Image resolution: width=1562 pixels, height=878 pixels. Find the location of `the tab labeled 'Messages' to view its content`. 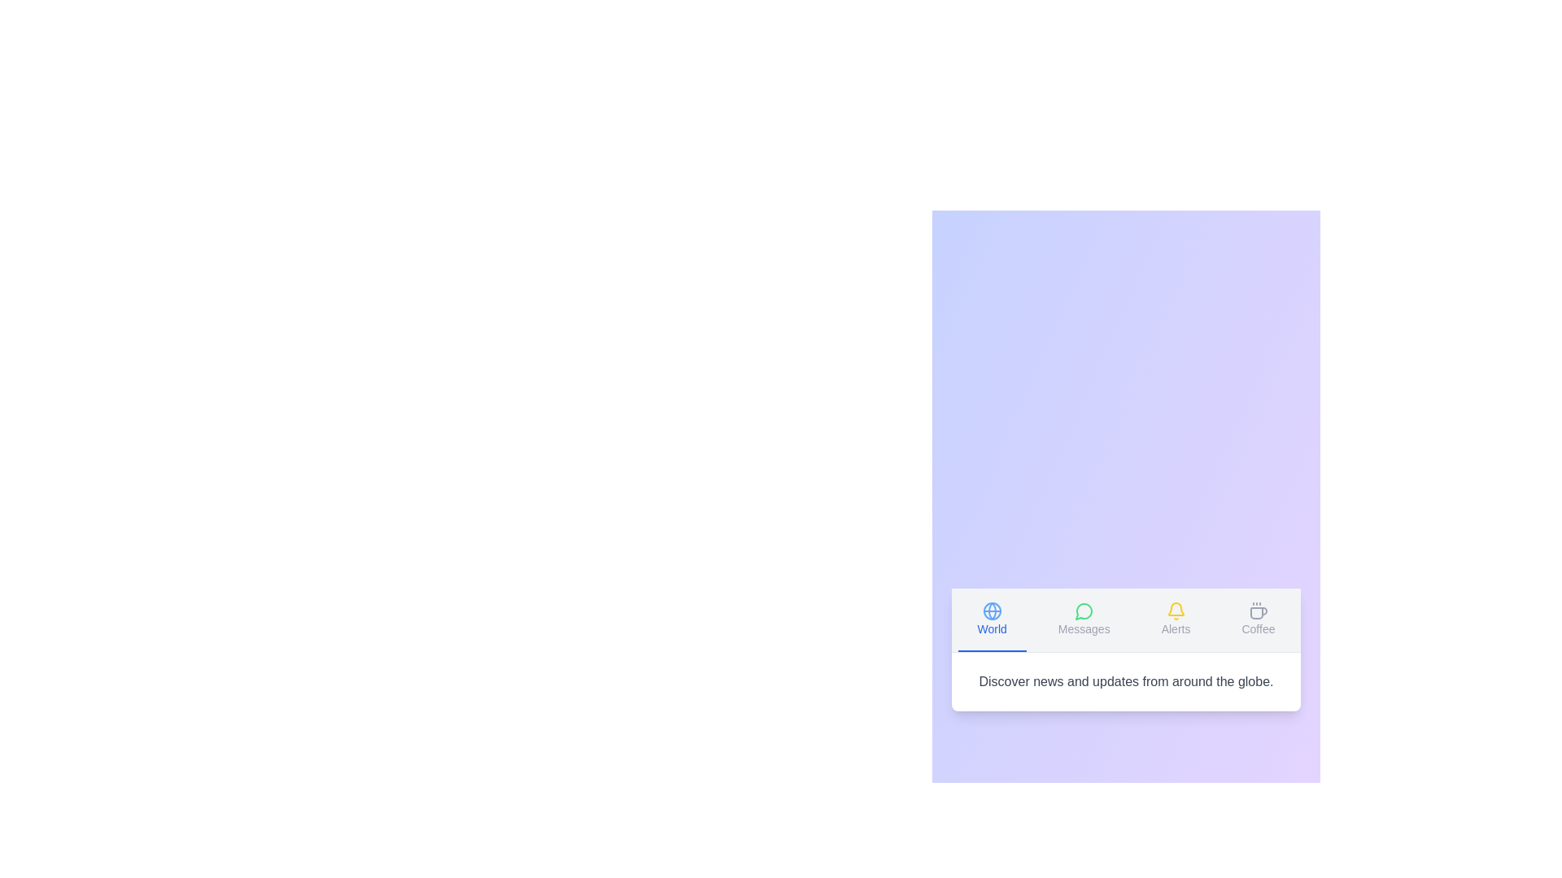

the tab labeled 'Messages' to view its content is located at coordinates (1084, 619).